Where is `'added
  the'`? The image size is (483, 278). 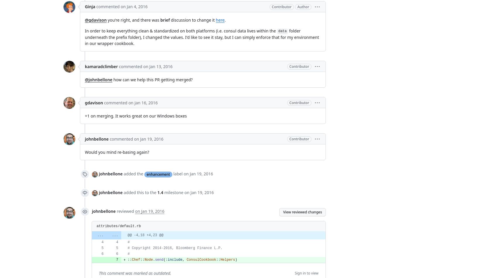
'added
  the' is located at coordinates (122, 173).